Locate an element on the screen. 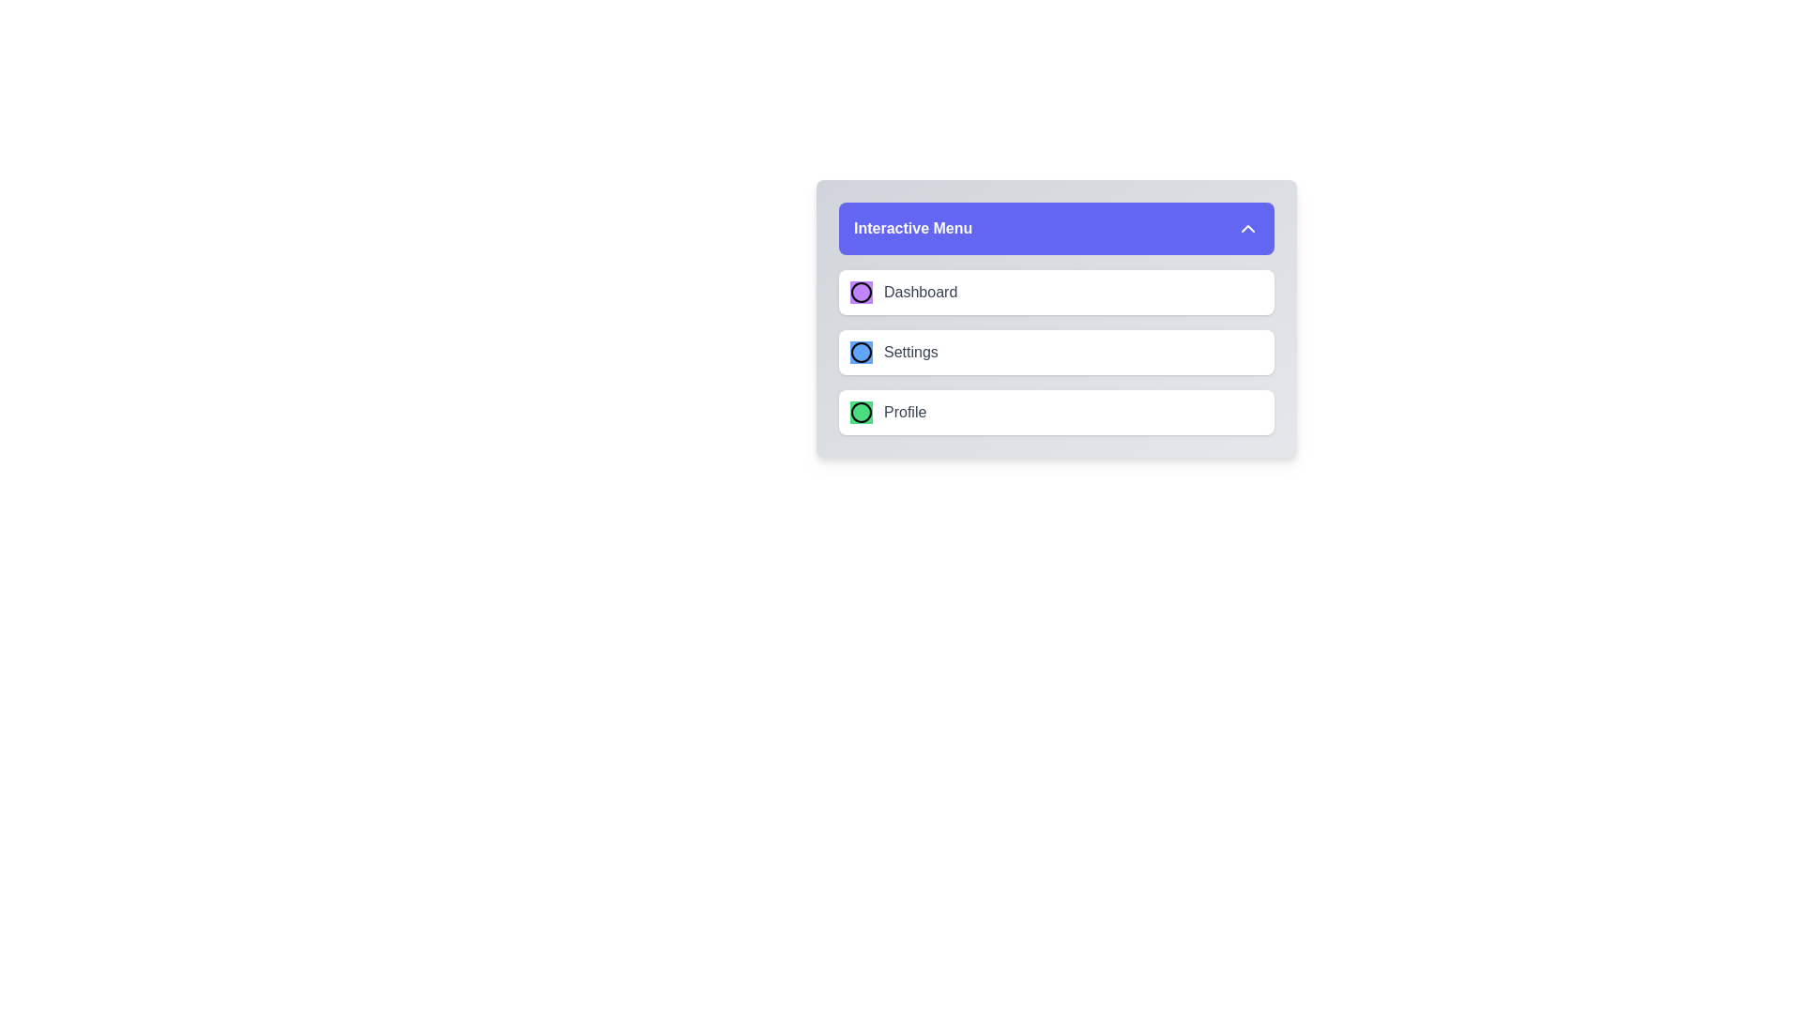 The width and height of the screenshot is (1802, 1013). the menu item Dashboard from the EnhancedMenu is located at coordinates (1057, 293).